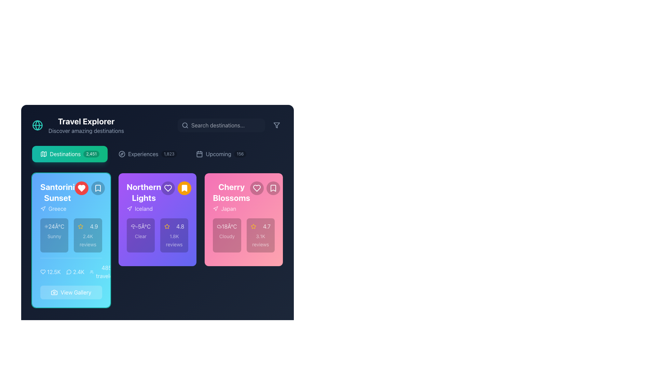 This screenshot has width=656, height=369. Describe the element at coordinates (69, 271) in the screenshot. I see `the message or review indicator icon resembling a speech bubble, located above the text '2.4K' in the 'Santorini Sunset' card` at that location.